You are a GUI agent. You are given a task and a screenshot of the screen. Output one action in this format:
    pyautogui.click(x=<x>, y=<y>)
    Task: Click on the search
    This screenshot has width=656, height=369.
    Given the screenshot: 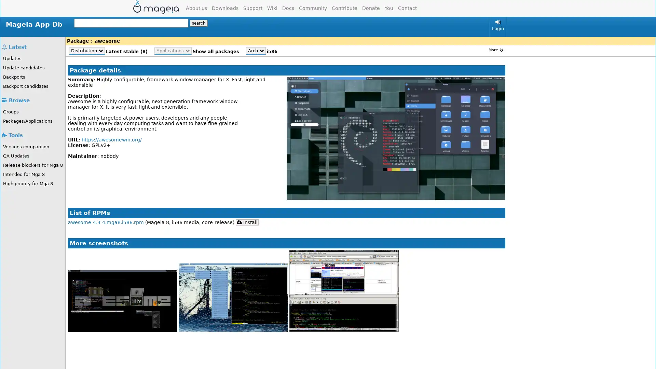 What is the action you would take?
    pyautogui.click(x=198, y=23)
    